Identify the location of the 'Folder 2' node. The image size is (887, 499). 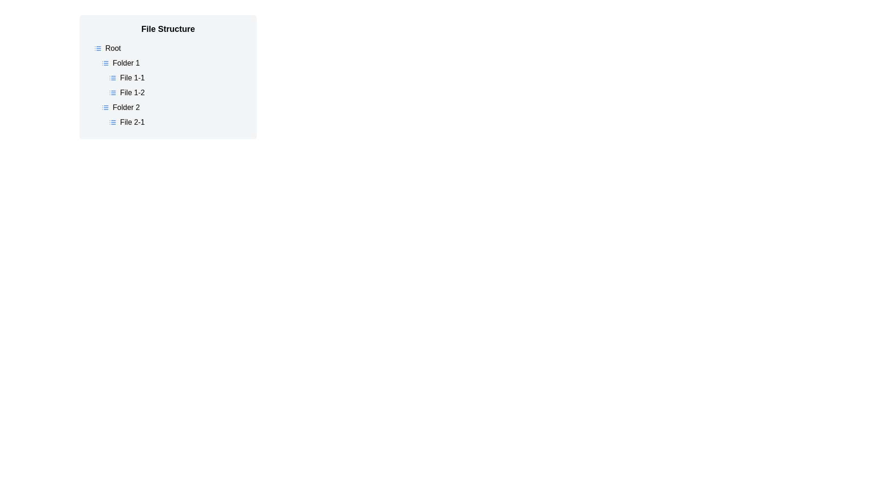
(175, 115).